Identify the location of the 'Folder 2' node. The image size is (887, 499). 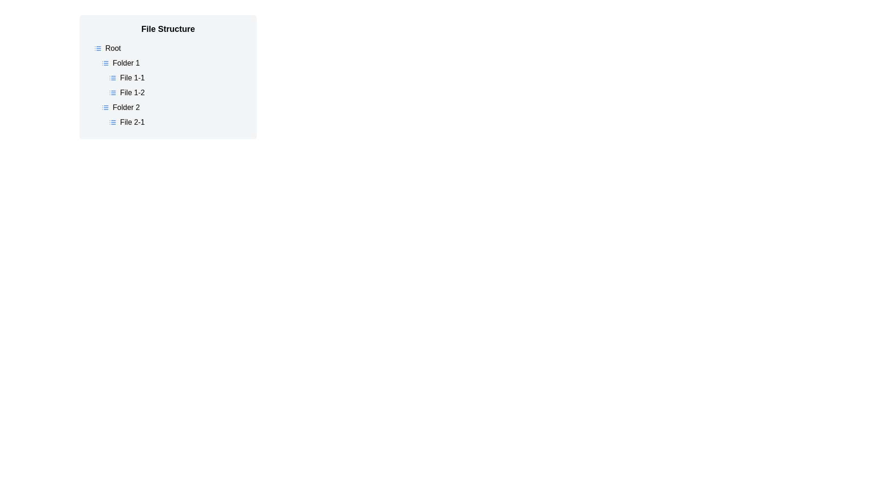
(175, 115).